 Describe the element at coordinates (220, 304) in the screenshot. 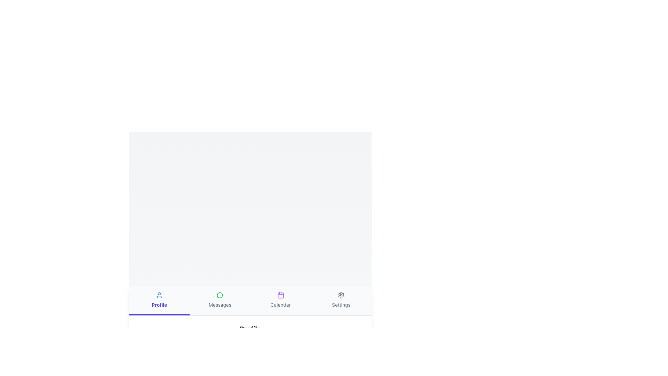

I see `the 'Messages' text label in the bottom navigation bar, which provides context for the message icon` at that location.